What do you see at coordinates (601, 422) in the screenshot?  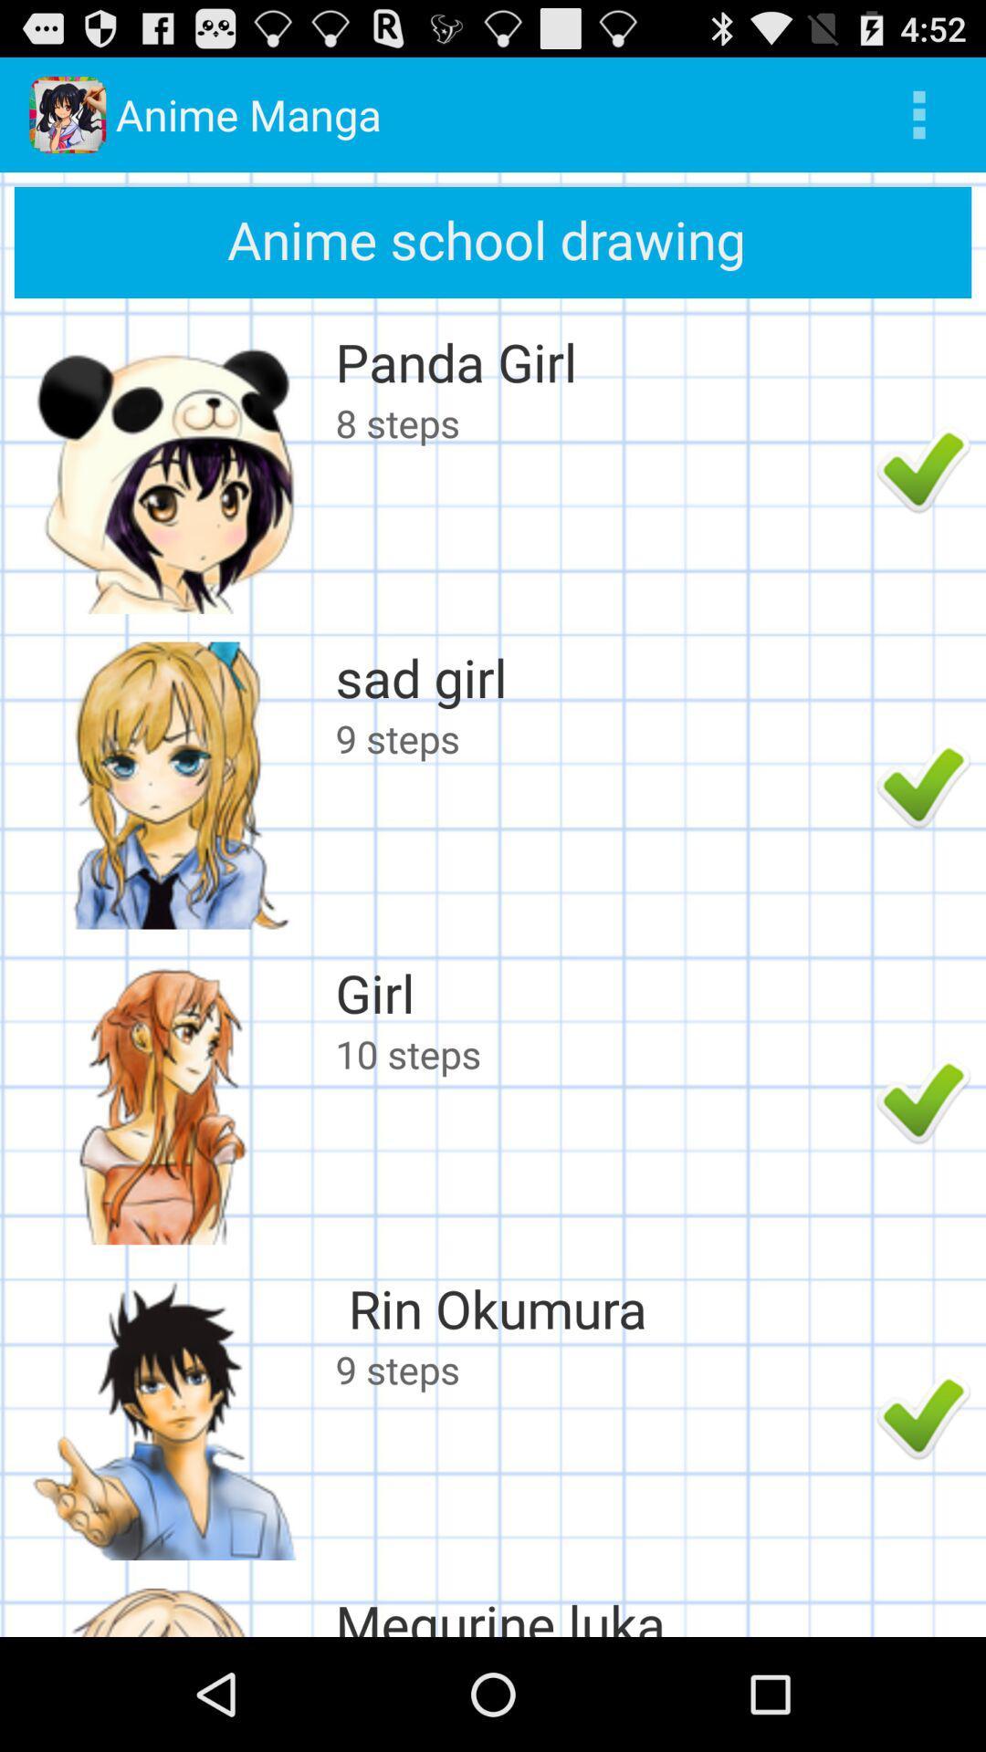 I see `the 8 steps app` at bounding box center [601, 422].